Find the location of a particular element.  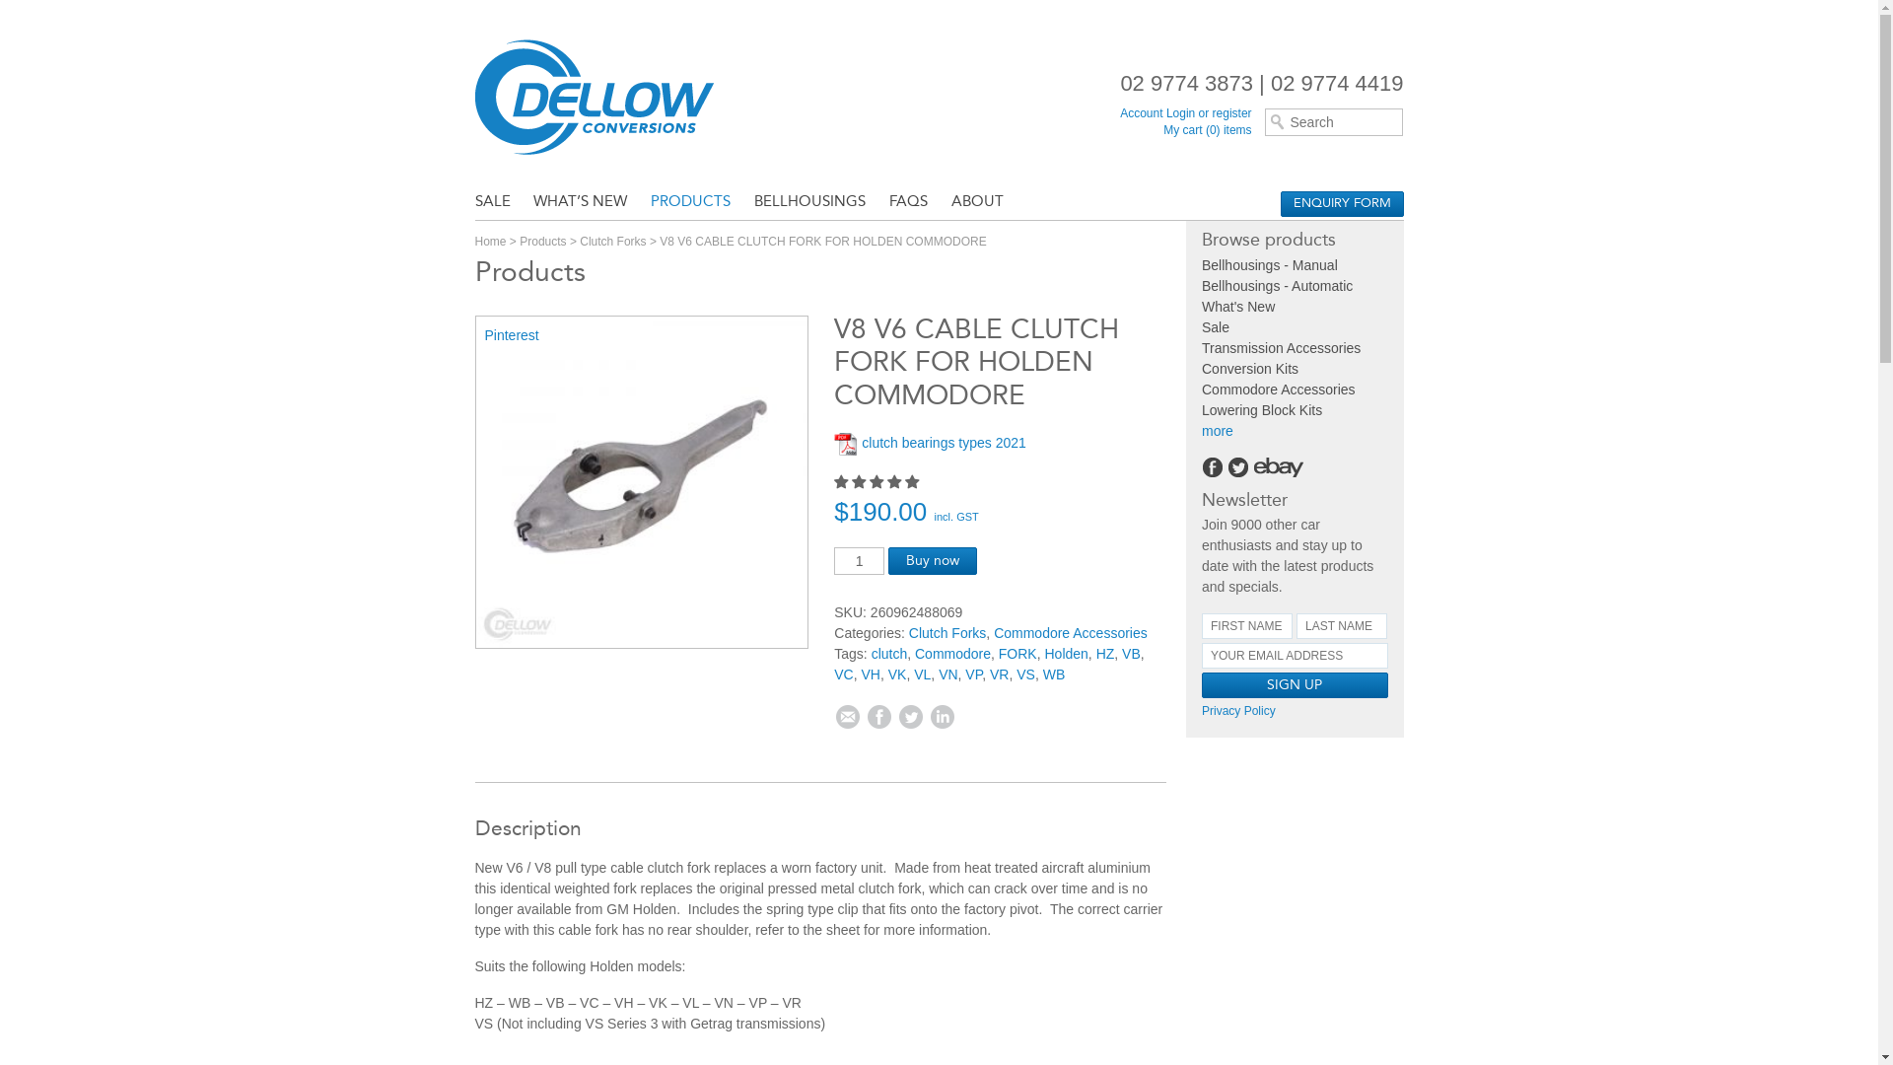

'ENQUIRY FORM' is located at coordinates (1341, 204).